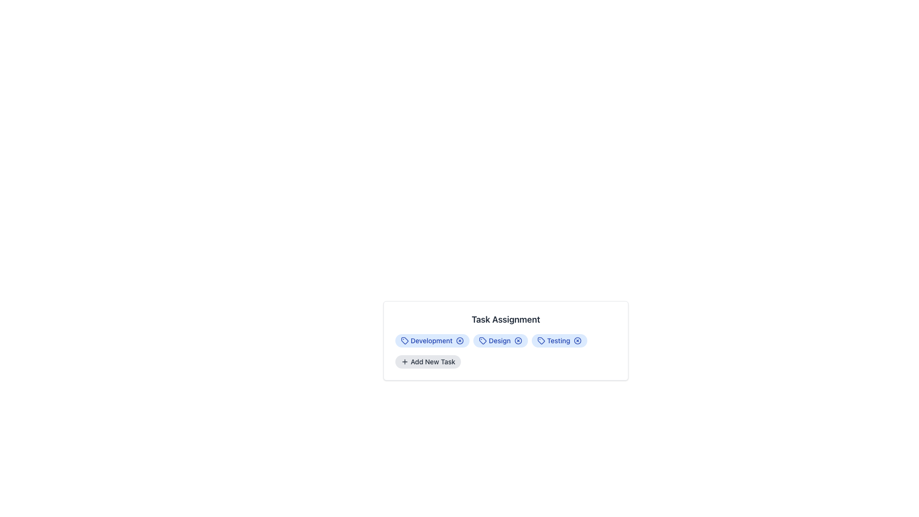  I want to click on the blue tag icon located at the left side of the 'Development' label chip, so click(404, 340).